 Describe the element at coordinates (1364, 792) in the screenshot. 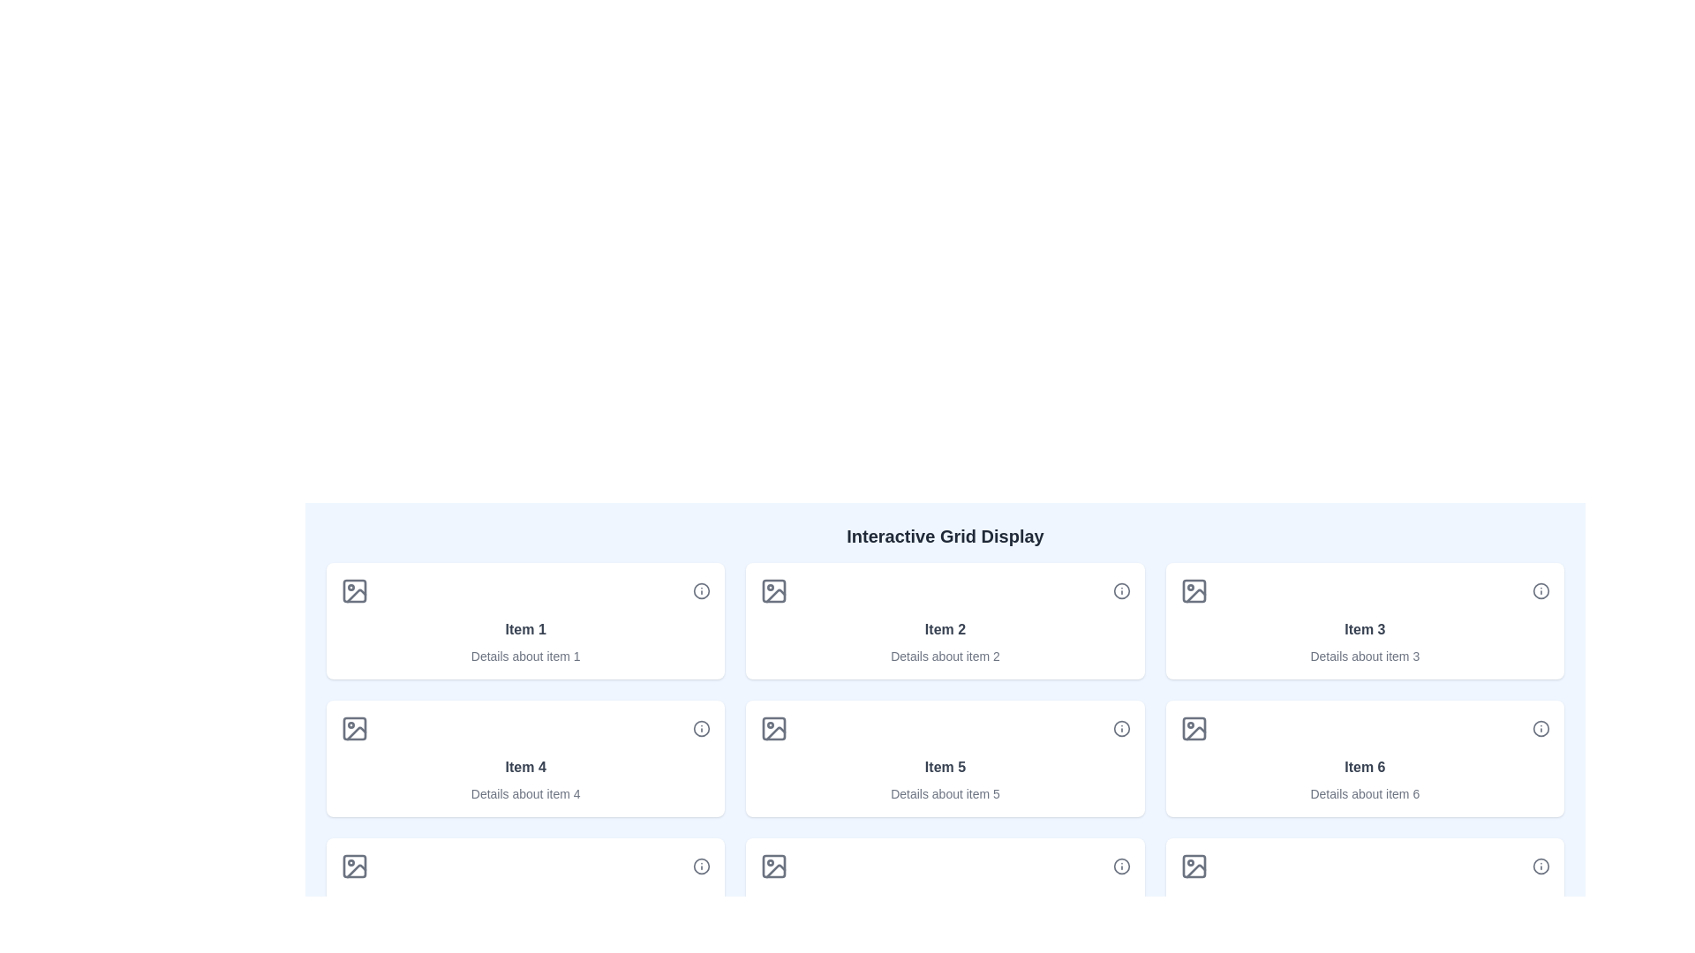

I see `the text label displaying 'Details about item 6', which is located beneath the 'Item 6' header on the sixth card in the grid layout` at that location.